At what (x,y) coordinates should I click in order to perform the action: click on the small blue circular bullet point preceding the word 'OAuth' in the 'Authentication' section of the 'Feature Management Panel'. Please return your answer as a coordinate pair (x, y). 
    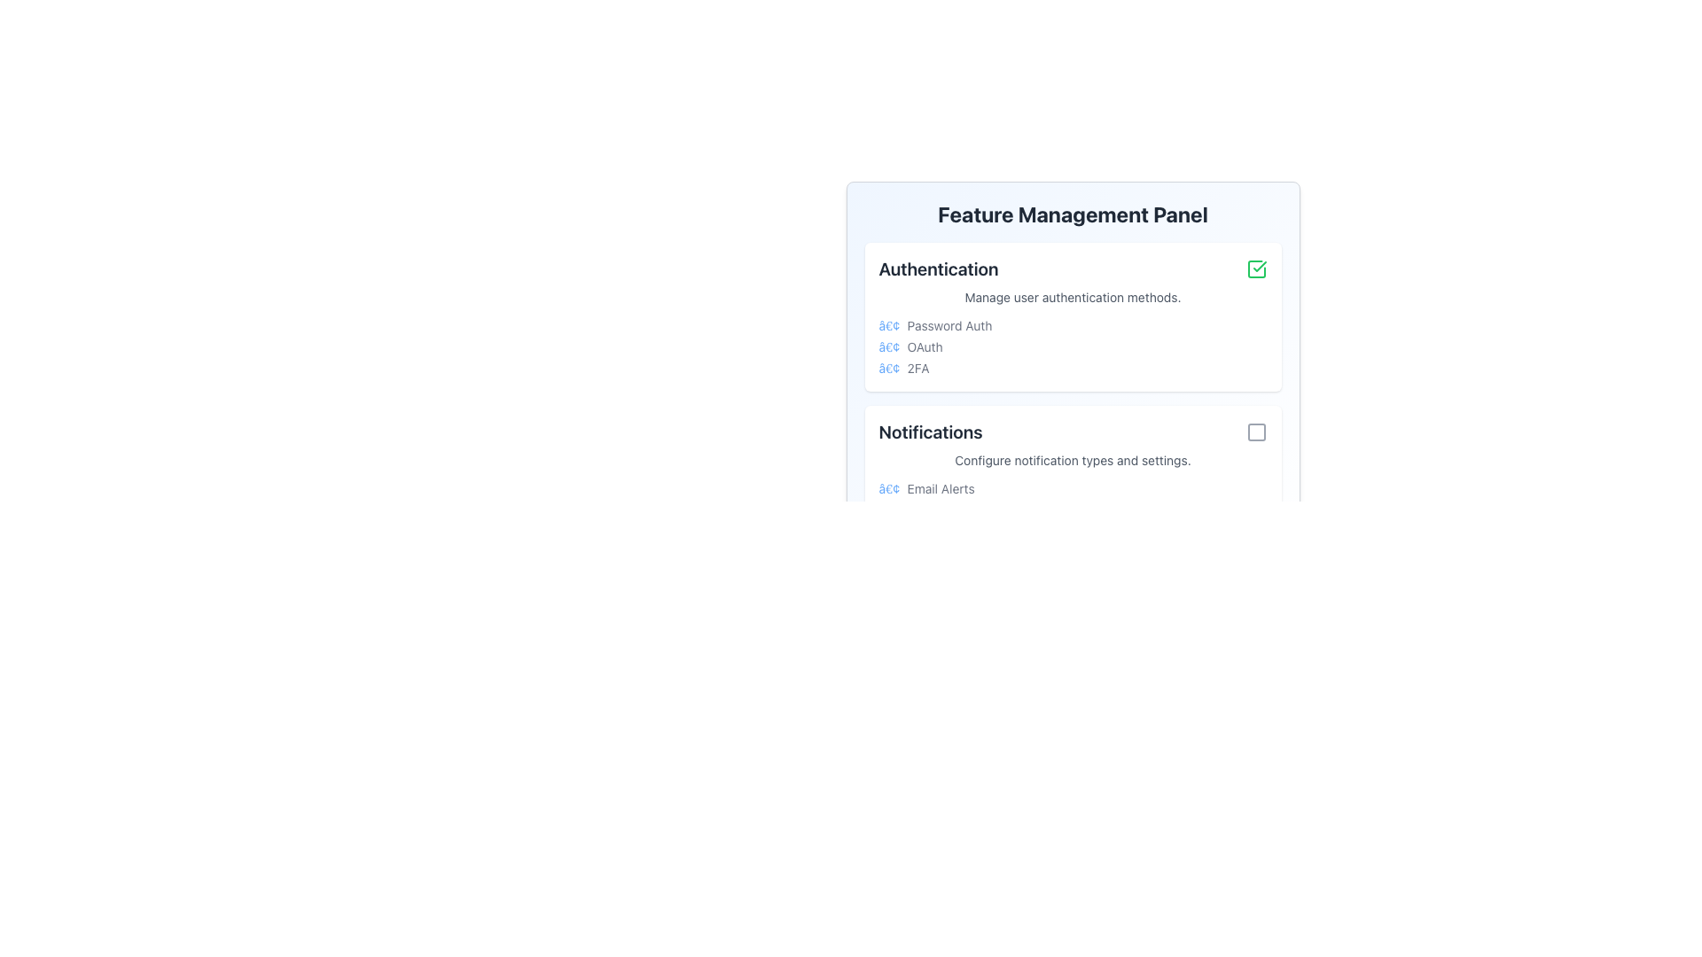
    Looking at the image, I should click on (889, 347).